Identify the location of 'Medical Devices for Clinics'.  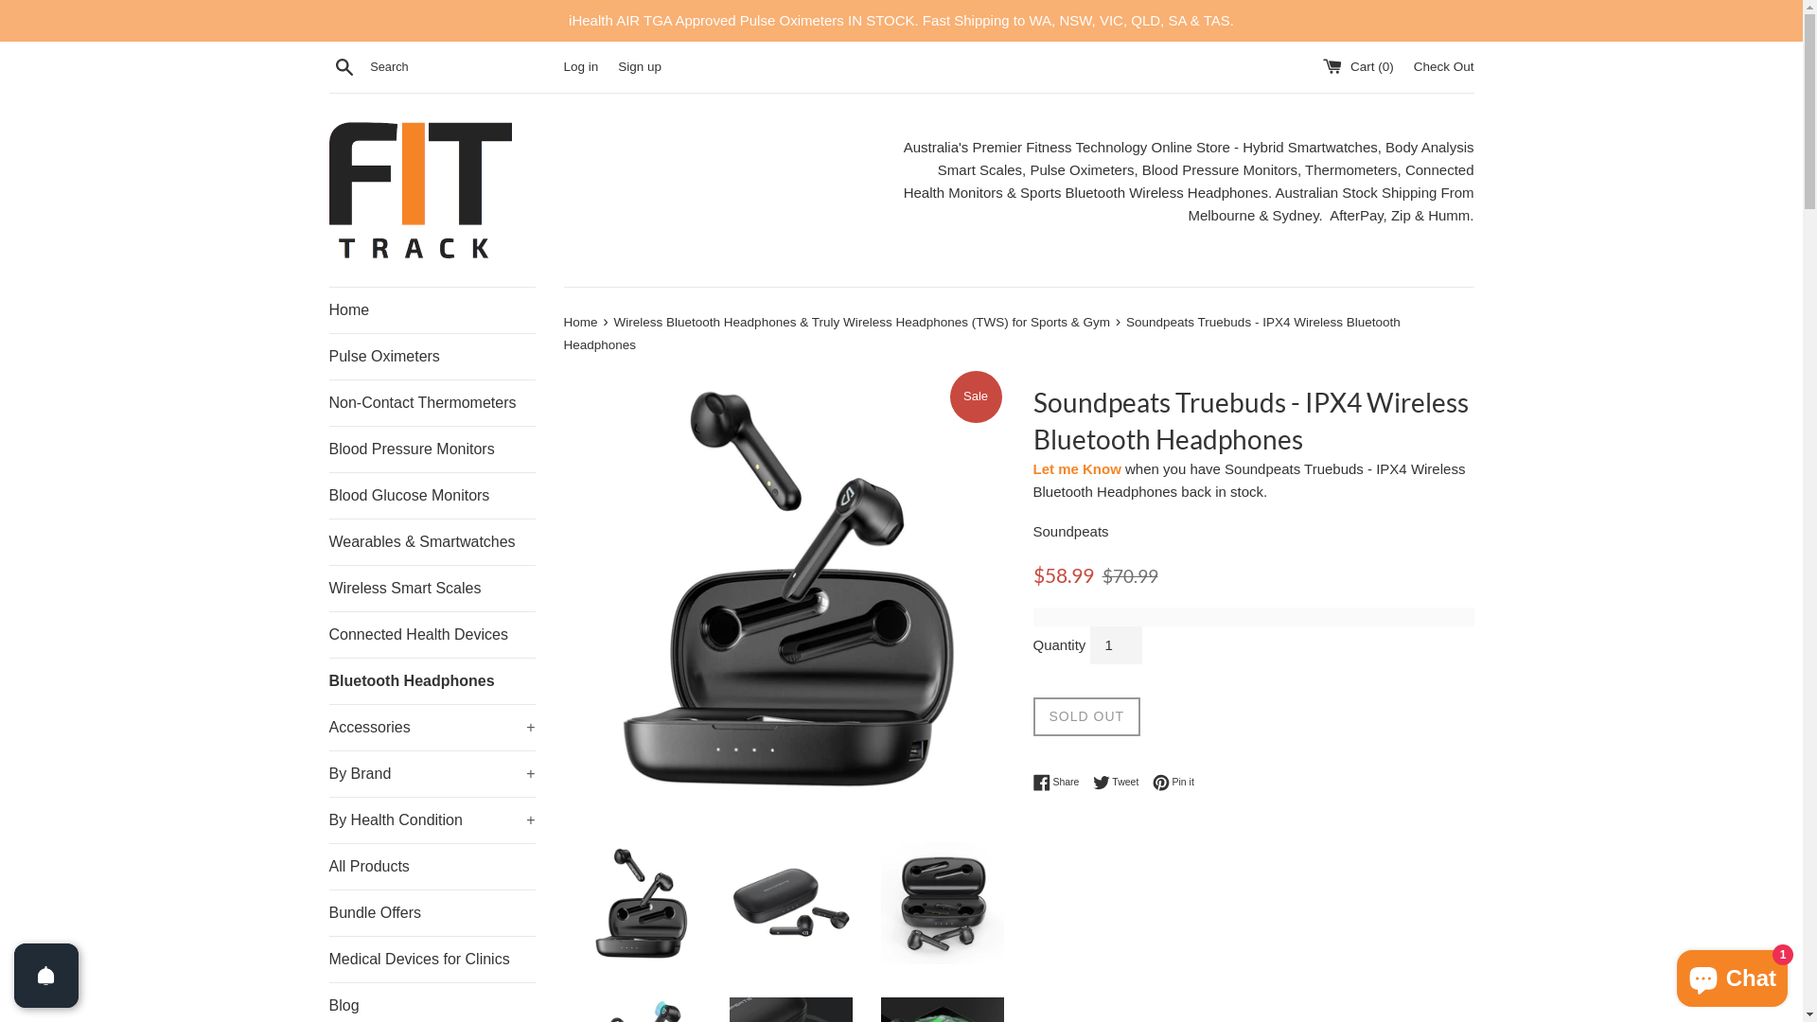
(431, 960).